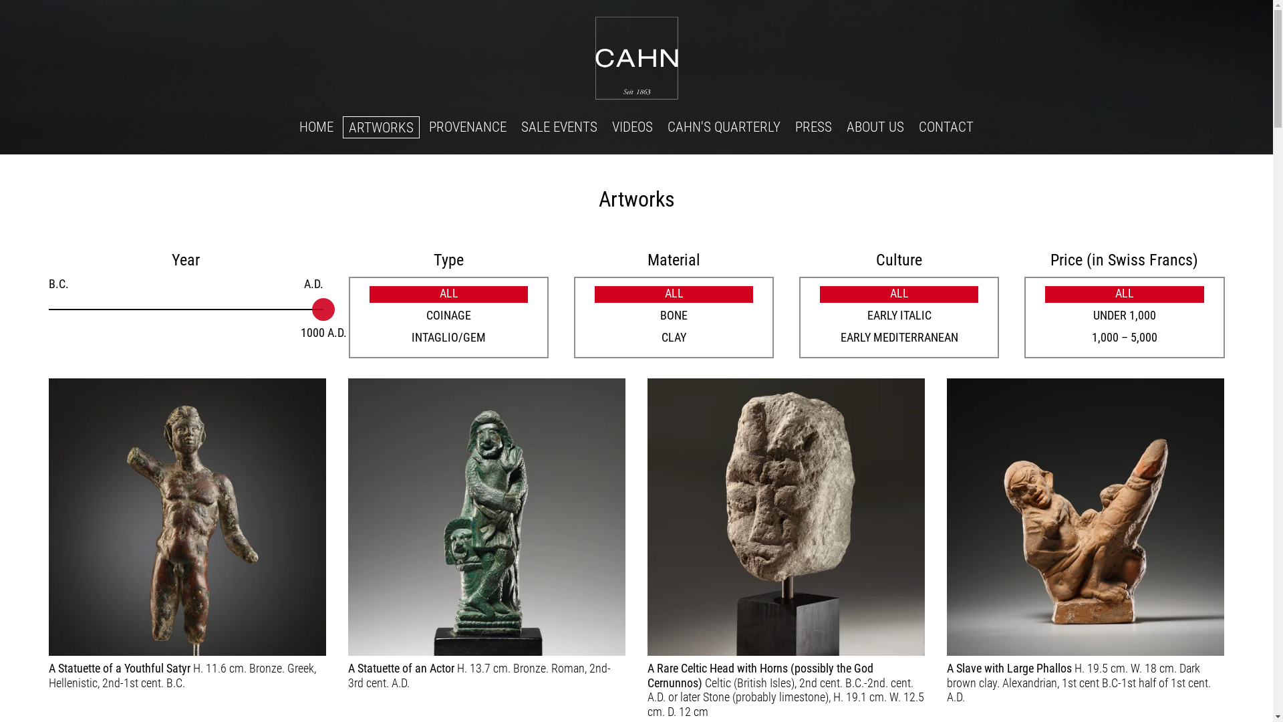  Describe the element at coordinates (468, 127) in the screenshot. I see `'PROVENANCE'` at that location.